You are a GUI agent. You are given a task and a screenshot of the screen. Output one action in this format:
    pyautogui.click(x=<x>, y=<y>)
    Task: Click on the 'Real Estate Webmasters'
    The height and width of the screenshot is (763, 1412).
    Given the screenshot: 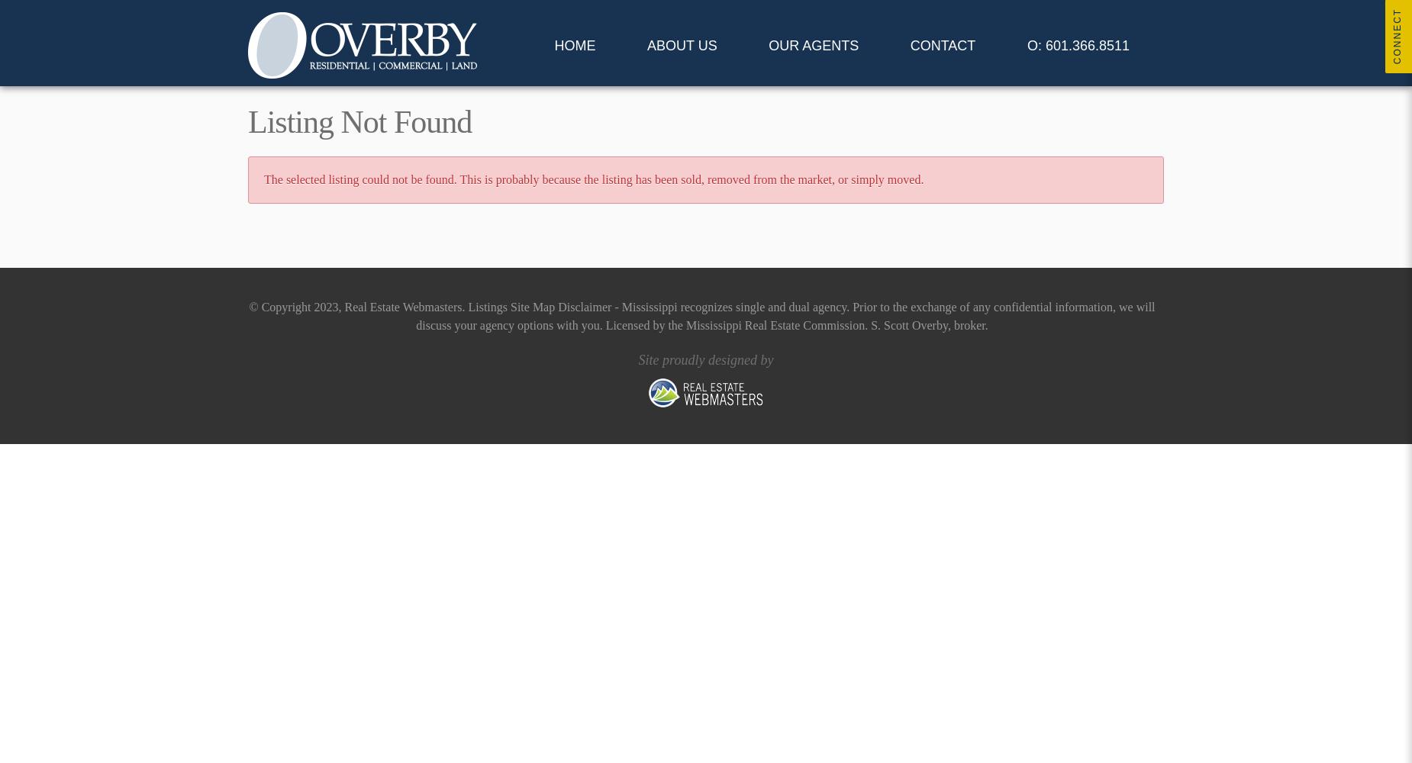 What is the action you would take?
    pyautogui.click(x=343, y=307)
    